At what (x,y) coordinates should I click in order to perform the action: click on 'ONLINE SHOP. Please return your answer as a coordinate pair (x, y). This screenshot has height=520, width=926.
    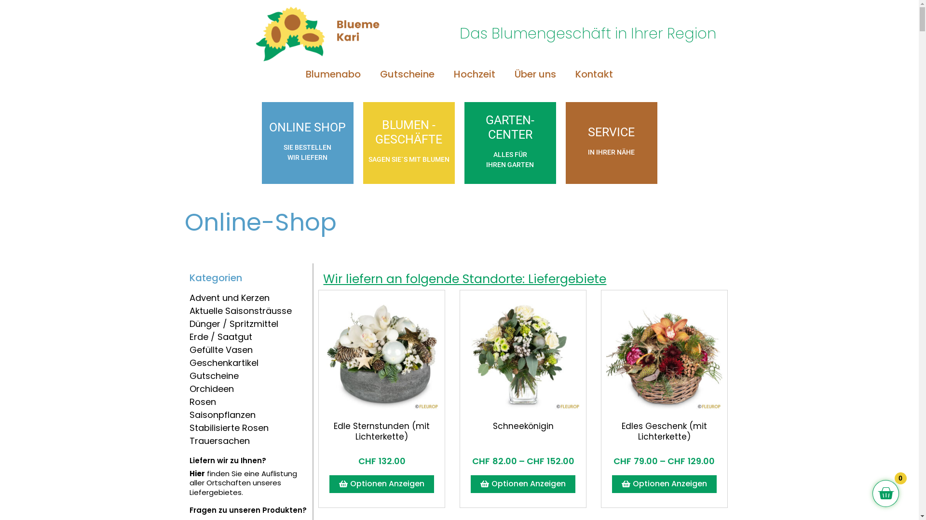
    Looking at the image, I should click on (264, 143).